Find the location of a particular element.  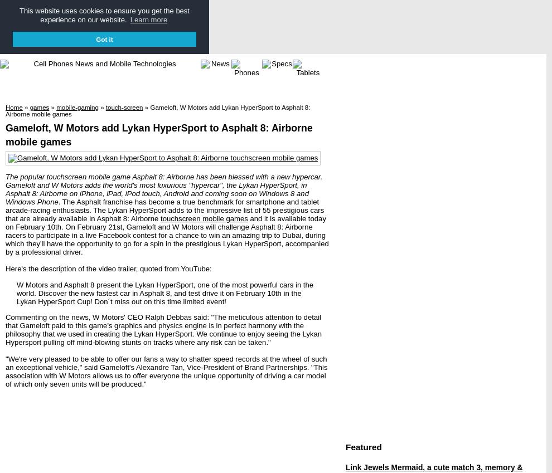

'games' is located at coordinates (39, 106).